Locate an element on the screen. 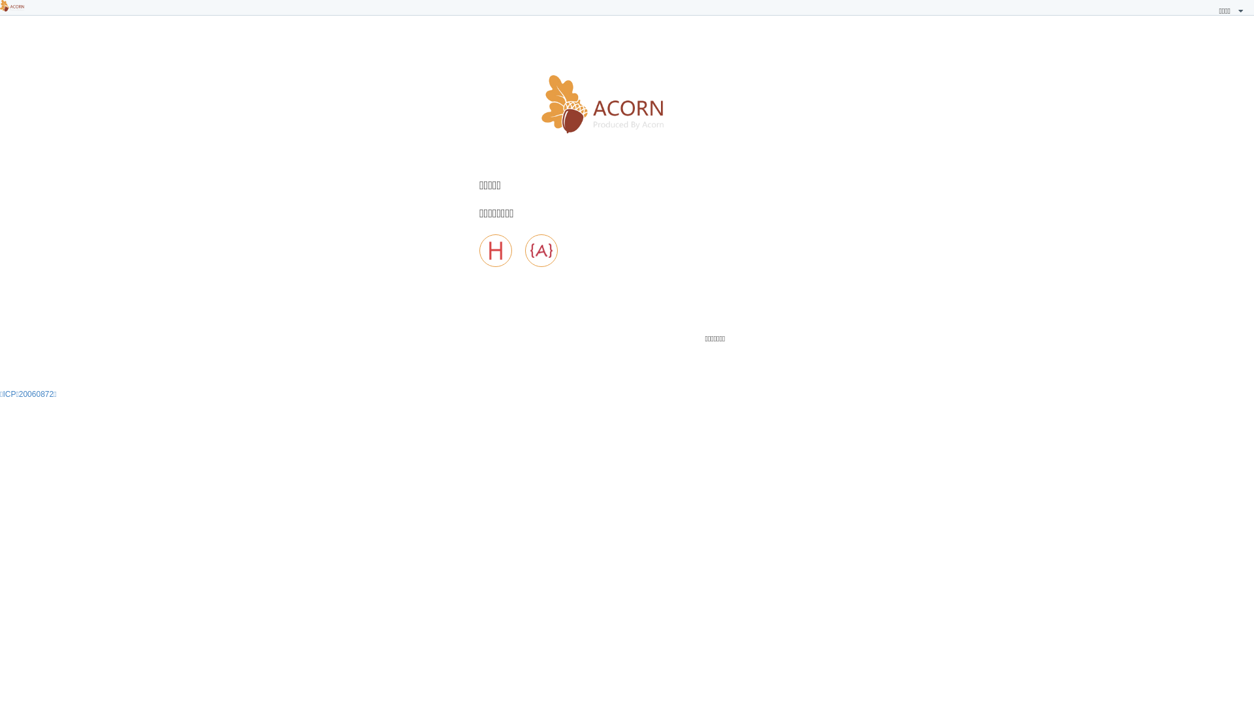 This screenshot has height=705, width=1254. 'api-mom' is located at coordinates (525, 251).